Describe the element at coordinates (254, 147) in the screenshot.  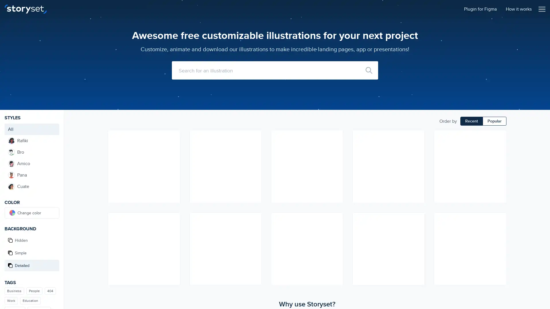
I see `download icon Download` at that location.